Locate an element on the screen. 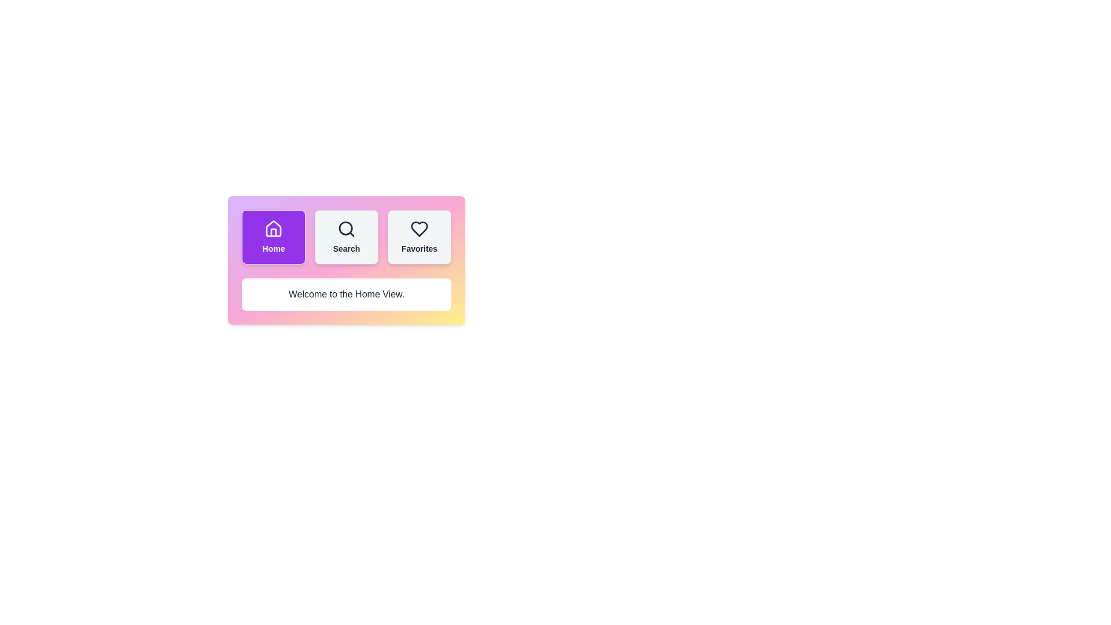 The width and height of the screenshot is (1111, 625). the center of the inner circle of the search button icon, which is located between the 'Home' button on the left and the 'Favorites' button on the right is located at coordinates (345, 228).